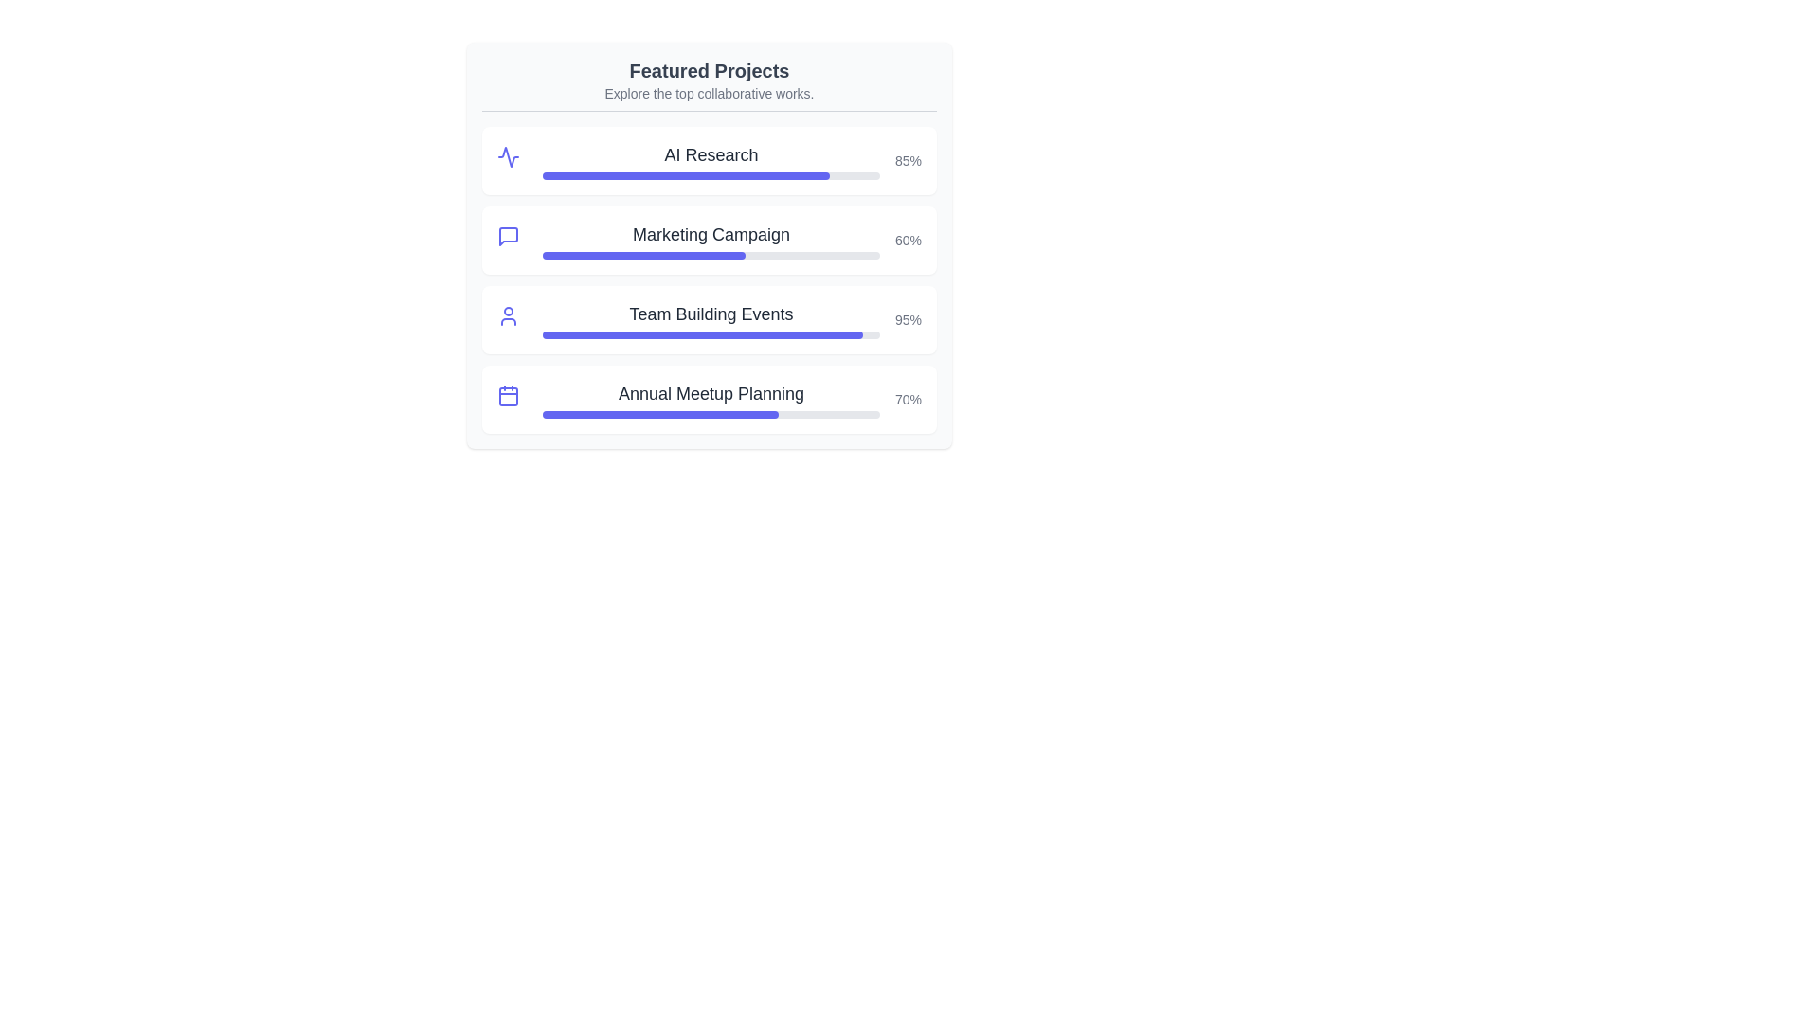  I want to click on the project titled Team Building Events, so click(709, 313).